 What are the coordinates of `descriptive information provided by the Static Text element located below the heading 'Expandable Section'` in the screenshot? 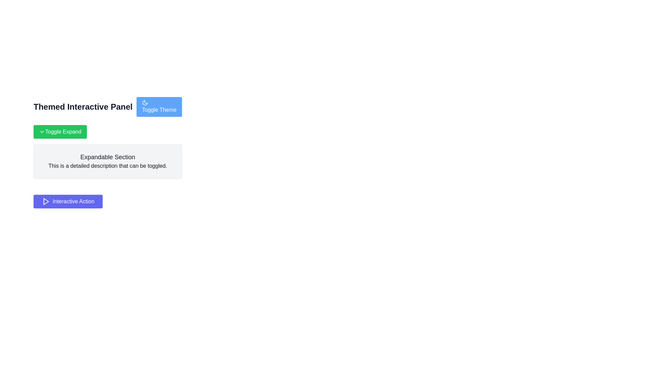 It's located at (107, 166).